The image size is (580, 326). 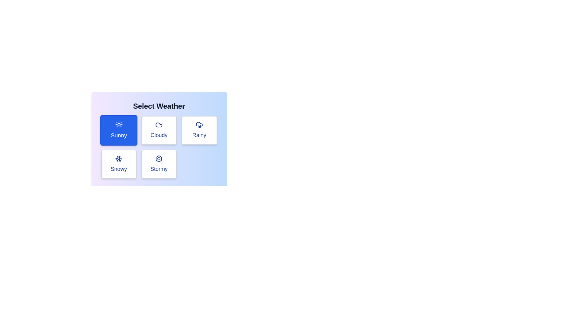 I want to click on text label that says 'Rainy' located in the third button of a 2x3 button grid within the 'Select Weather' card interface, so click(x=199, y=135).